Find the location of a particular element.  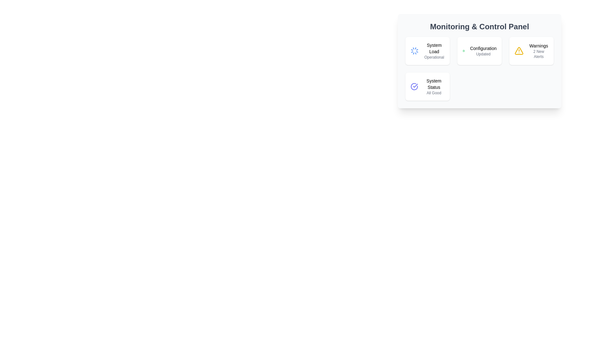

the Text and Icon Card displaying 'System Load' and 'Operational', located in the top-left corner of the Monitoring & Control Panel section is located at coordinates (427, 50).